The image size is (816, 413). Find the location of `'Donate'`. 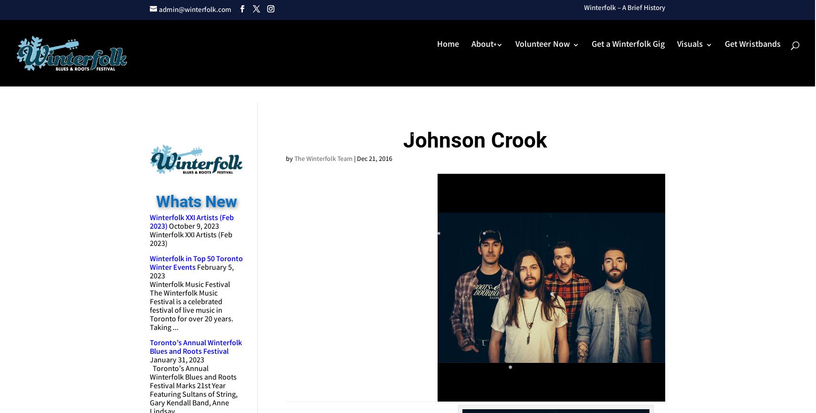

'Donate' is located at coordinates (503, 199).